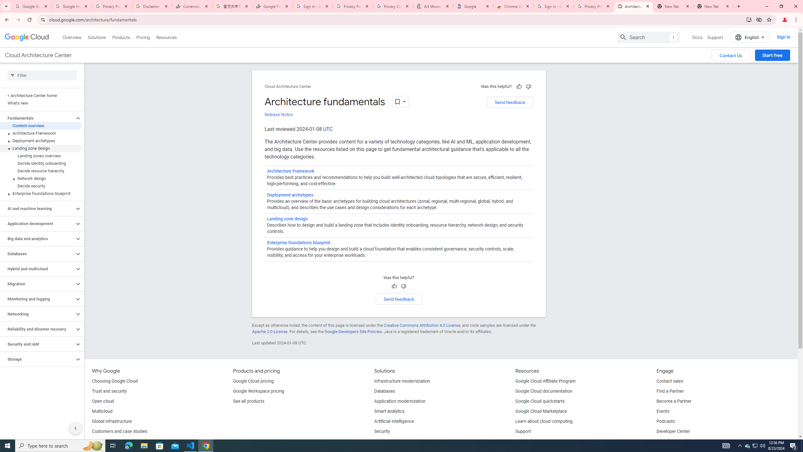 Image resolution: width=803 pixels, height=452 pixels. Describe the element at coordinates (298, 243) in the screenshot. I see `'Enterprise foundations blueprint'` at that location.